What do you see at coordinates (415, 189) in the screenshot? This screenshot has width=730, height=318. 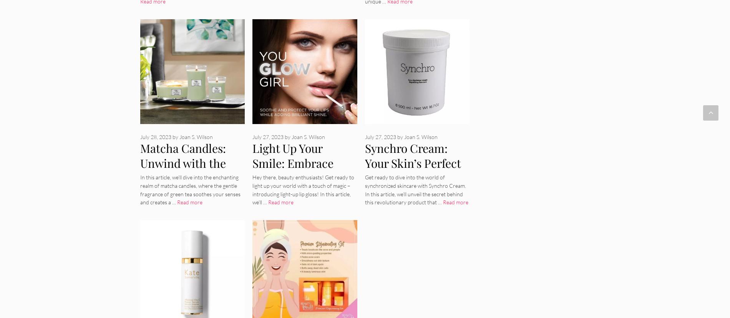 I see `'Get ready to dive into the world of synchronized skincare with Synchro Cream. In this article, we’ll unveil the secret behind this revolutionary product that …'` at bounding box center [415, 189].